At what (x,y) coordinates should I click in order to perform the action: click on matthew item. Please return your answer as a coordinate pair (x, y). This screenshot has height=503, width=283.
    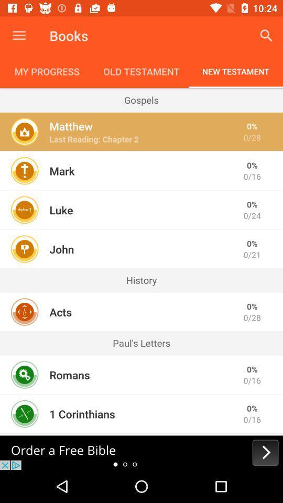
    Looking at the image, I should click on (71, 126).